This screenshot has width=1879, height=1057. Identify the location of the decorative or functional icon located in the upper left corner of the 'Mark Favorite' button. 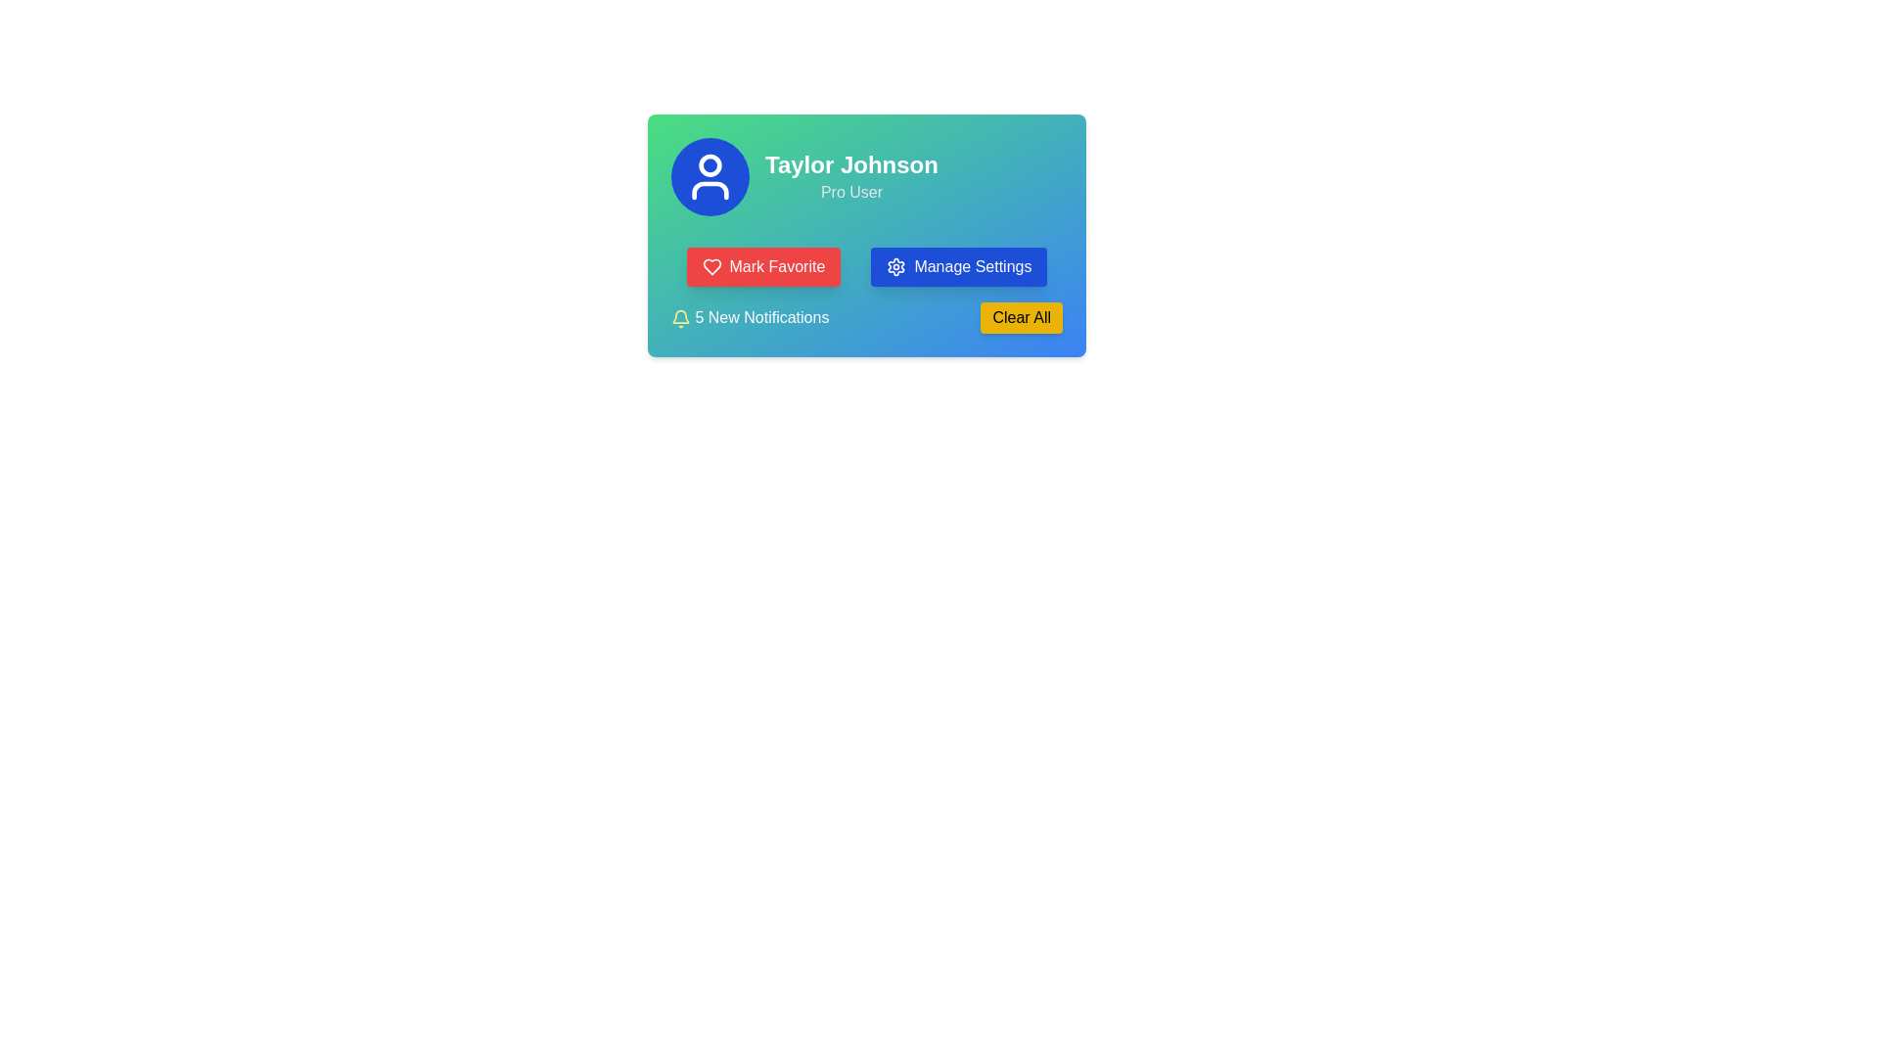
(710, 267).